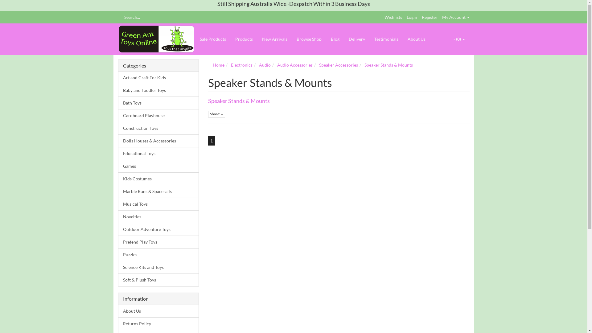  Describe the element at coordinates (158, 267) in the screenshot. I see `'Science Kits and Toys'` at that location.